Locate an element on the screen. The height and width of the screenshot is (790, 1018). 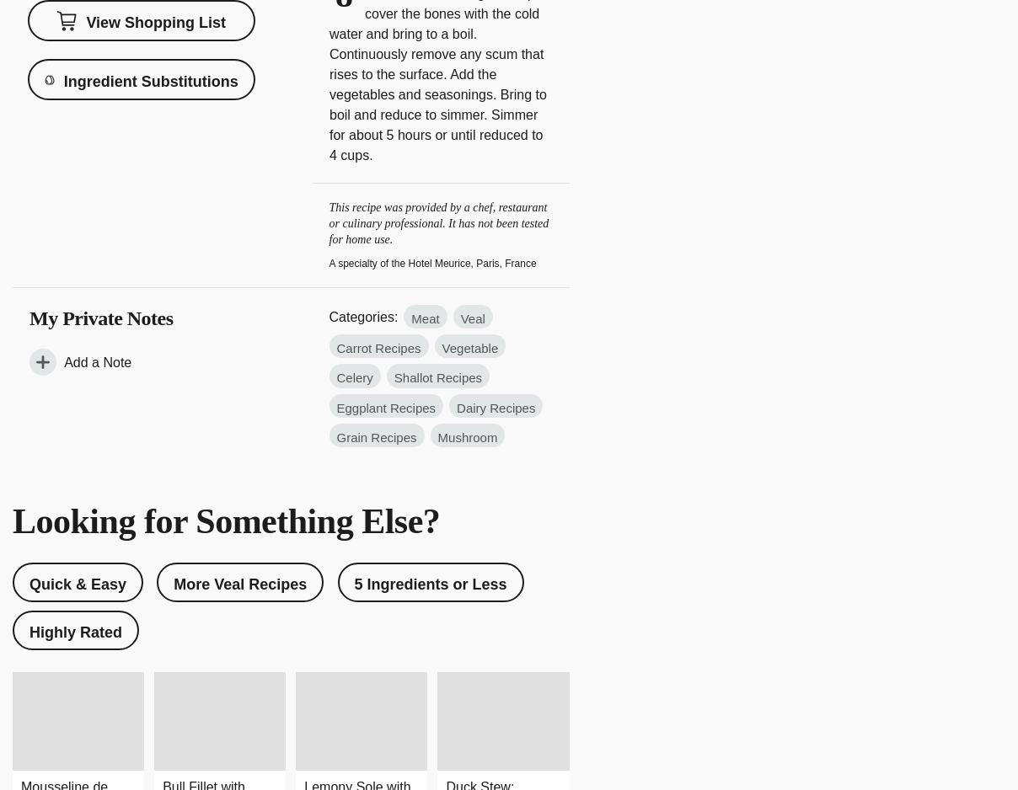
'Highly Rated' is located at coordinates (74, 632).